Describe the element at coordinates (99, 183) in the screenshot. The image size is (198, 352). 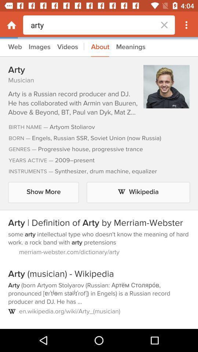
I see `webpage view` at that location.